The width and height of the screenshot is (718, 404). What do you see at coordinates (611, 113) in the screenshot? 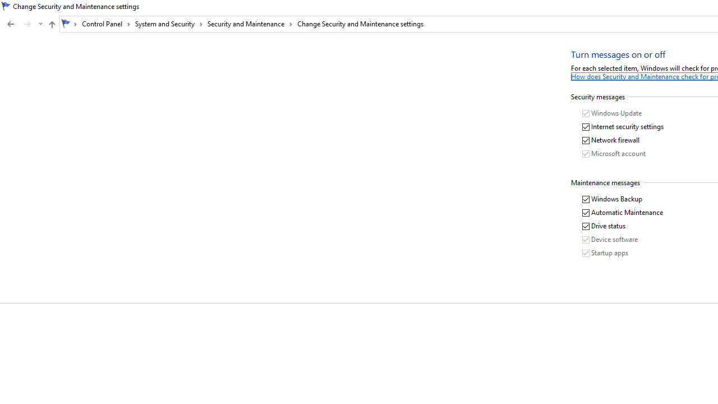
I see `'Windows Update'` at bounding box center [611, 113].